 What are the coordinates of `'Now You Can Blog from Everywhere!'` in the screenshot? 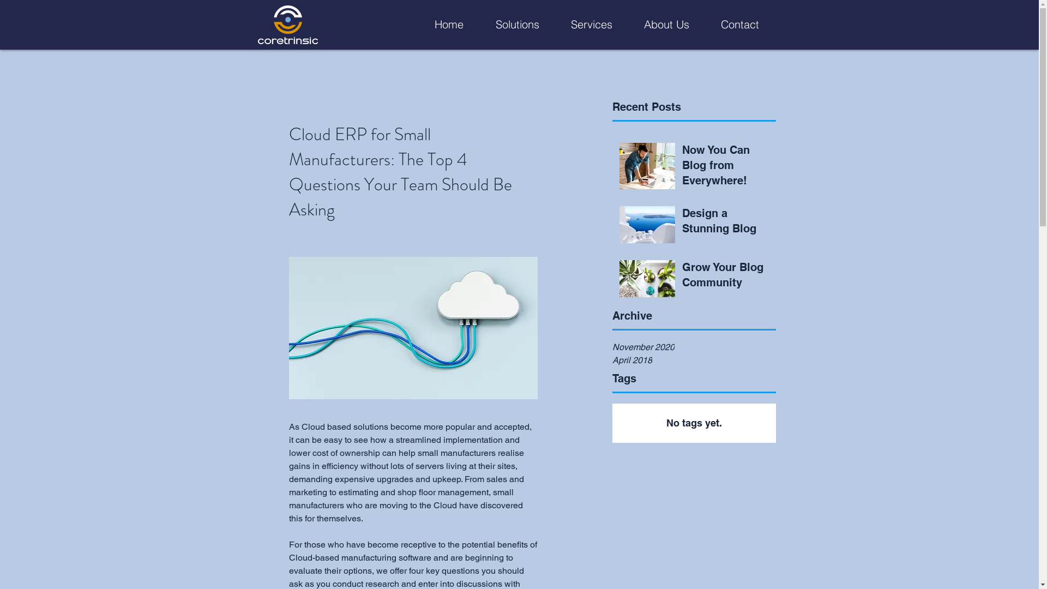 It's located at (725, 167).